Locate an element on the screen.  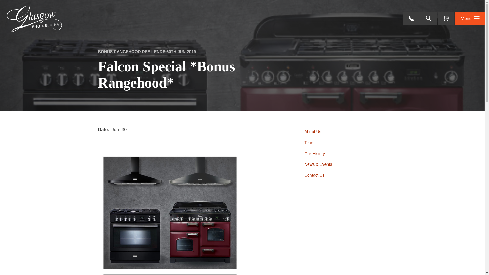
'News & Events' is located at coordinates (304, 164).